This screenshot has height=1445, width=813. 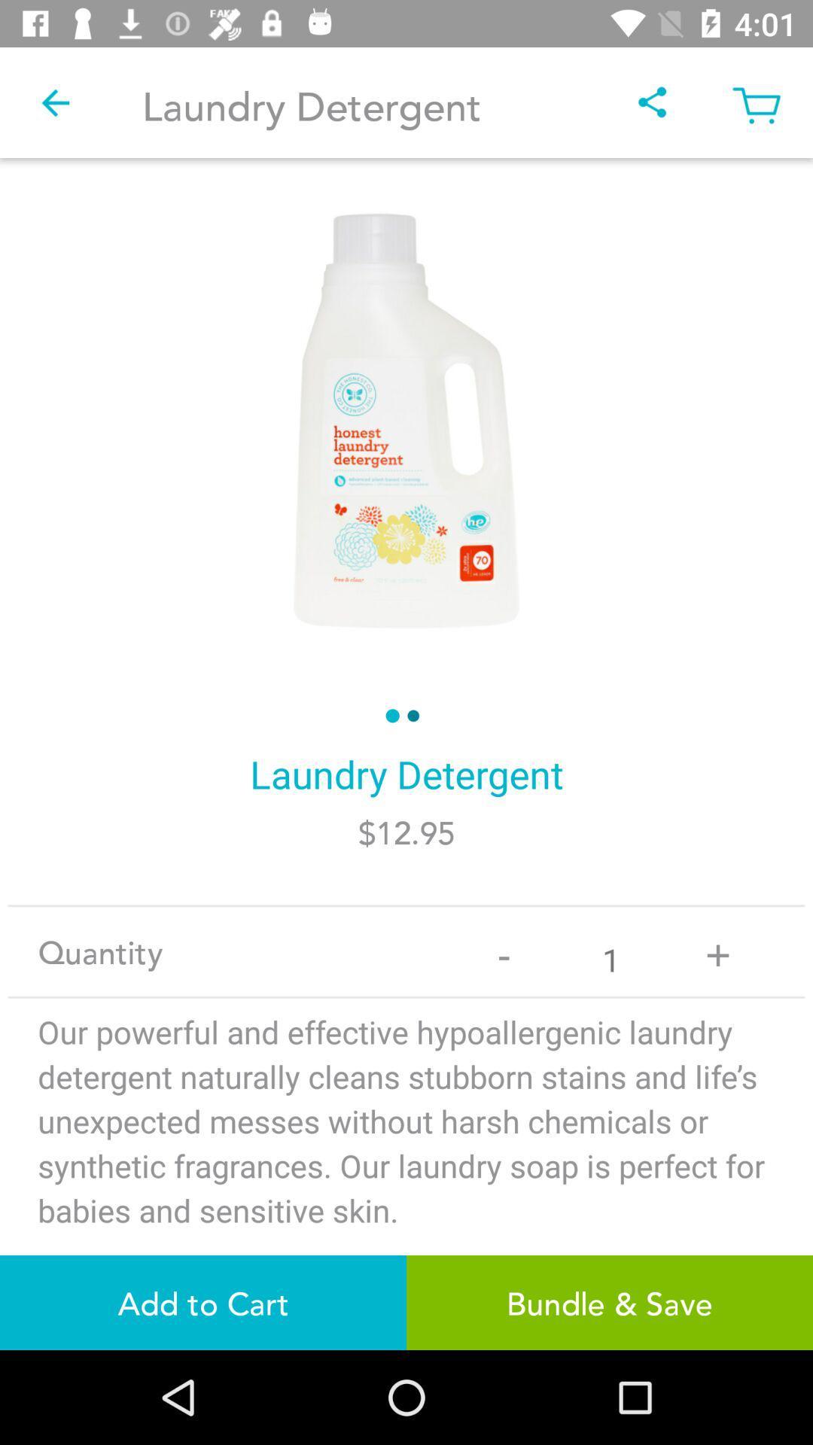 I want to click on icon next to the 1 app, so click(x=717, y=951).